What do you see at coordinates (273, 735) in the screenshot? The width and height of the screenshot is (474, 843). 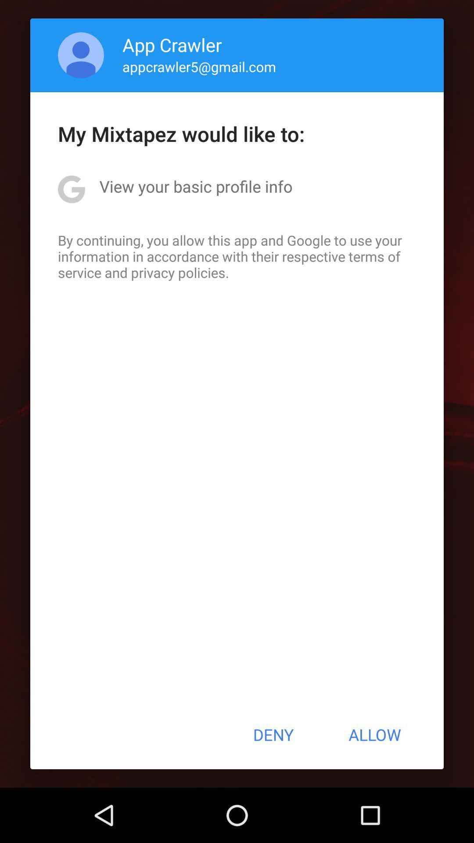 I see `item at the bottom` at bounding box center [273, 735].